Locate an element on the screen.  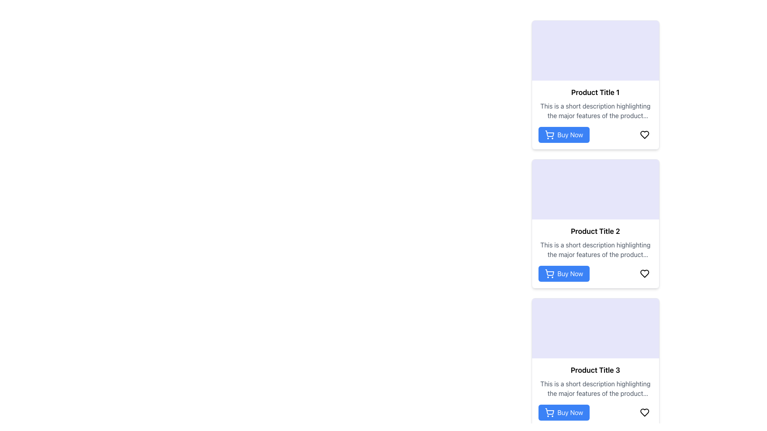
the purchase button located at the bottom of the card labeled 'Product Title 3' is located at coordinates (563, 412).